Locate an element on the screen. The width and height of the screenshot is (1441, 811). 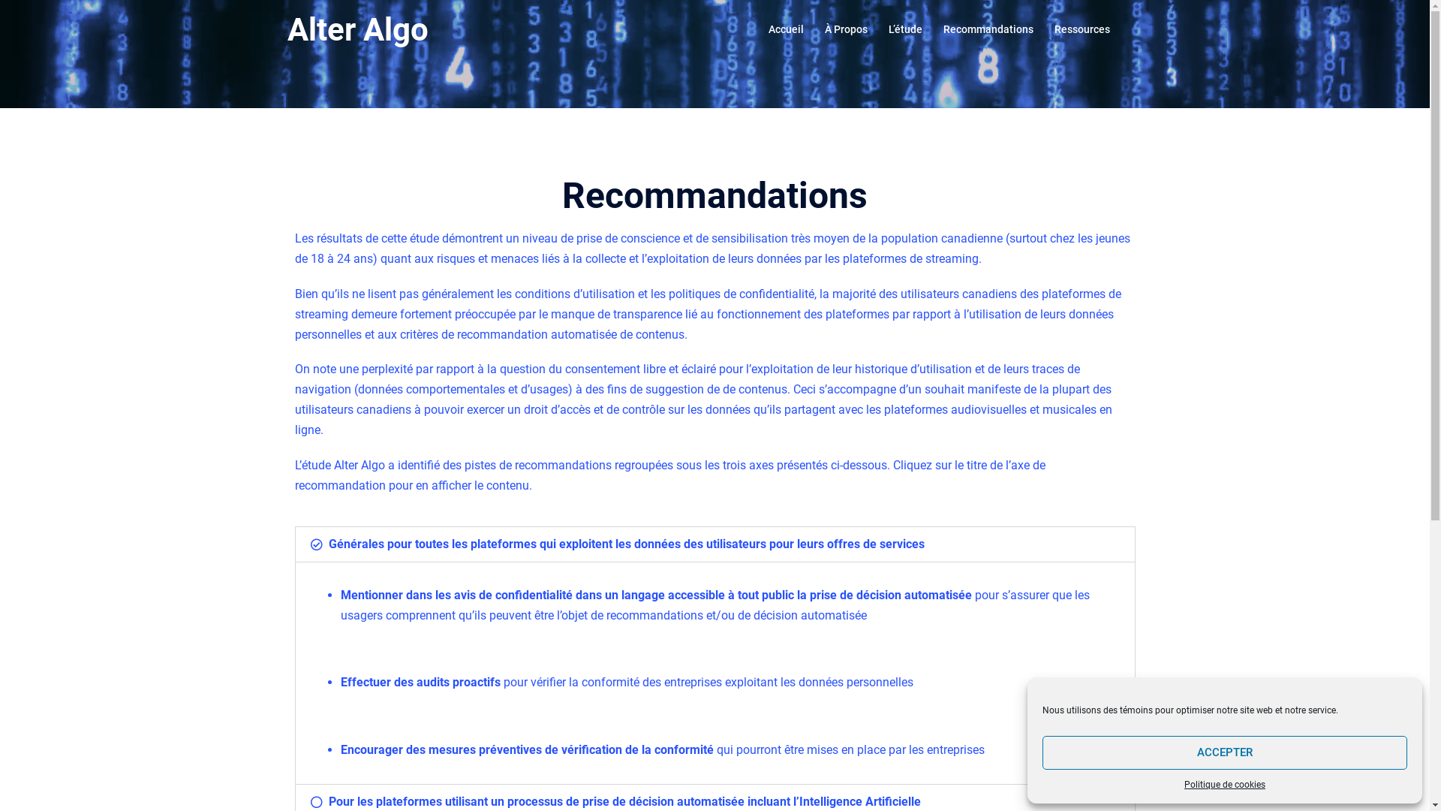
'Alter Algo' is located at coordinates (287, 29).